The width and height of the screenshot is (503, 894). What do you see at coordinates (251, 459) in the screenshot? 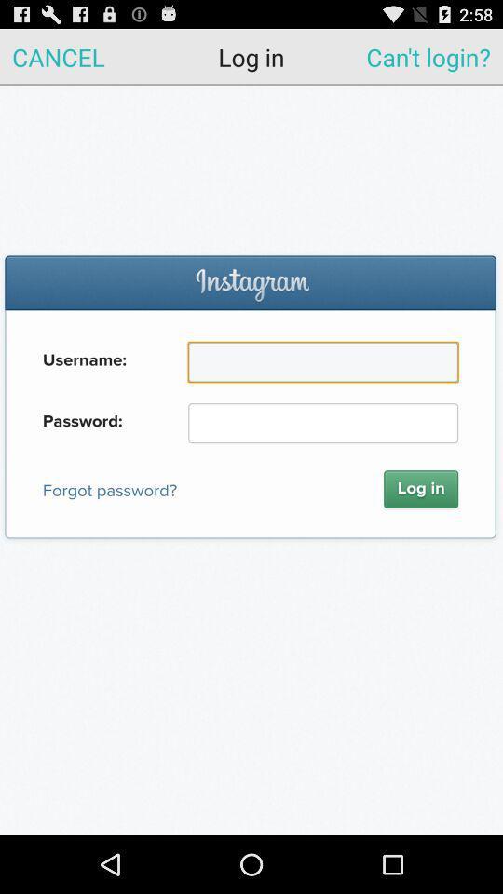
I see `login menu` at bounding box center [251, 459].